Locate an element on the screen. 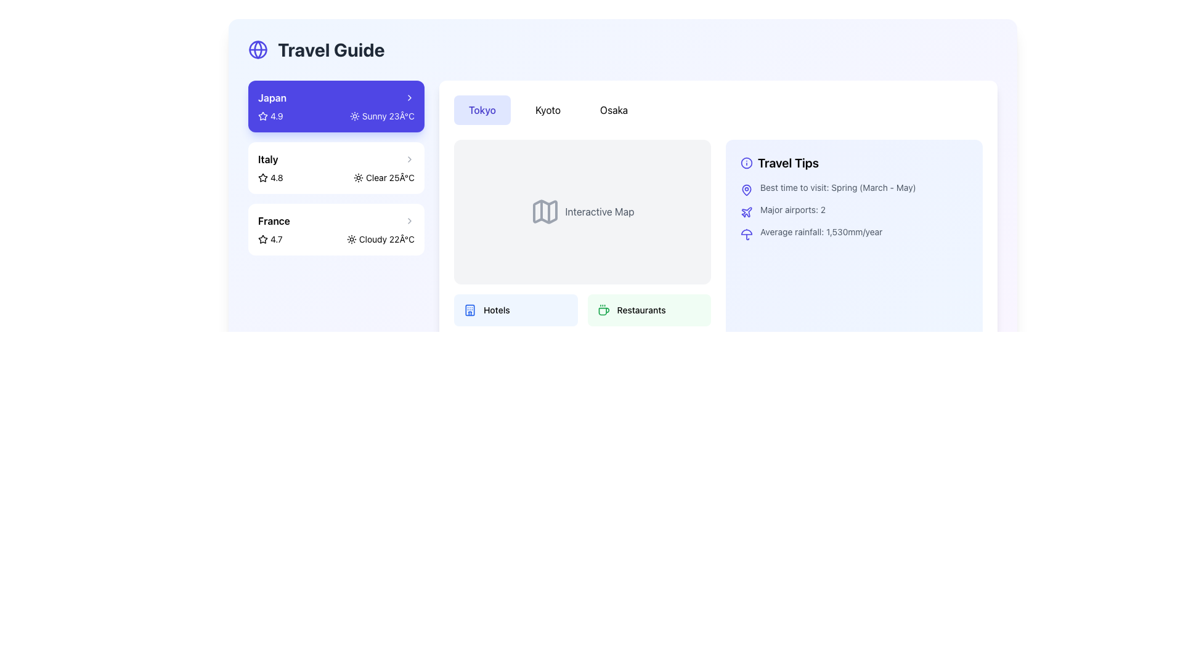  the text label that provides information about the number of major airports associated with the travel destination, located in the travel tips section of the right column, next to an airplane icon is located at coordinates (793, 209).